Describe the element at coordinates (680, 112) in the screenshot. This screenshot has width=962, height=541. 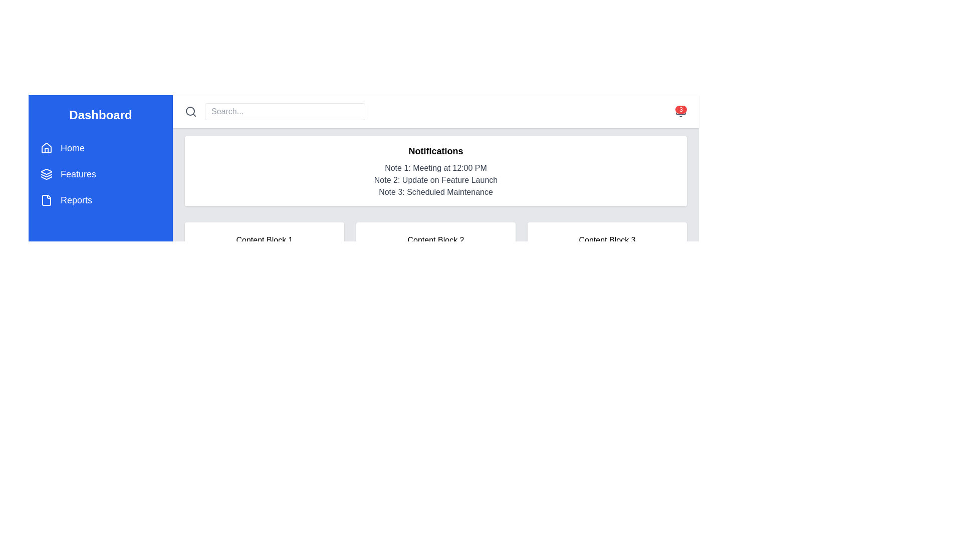
I see `the Notification badge located` at that location.